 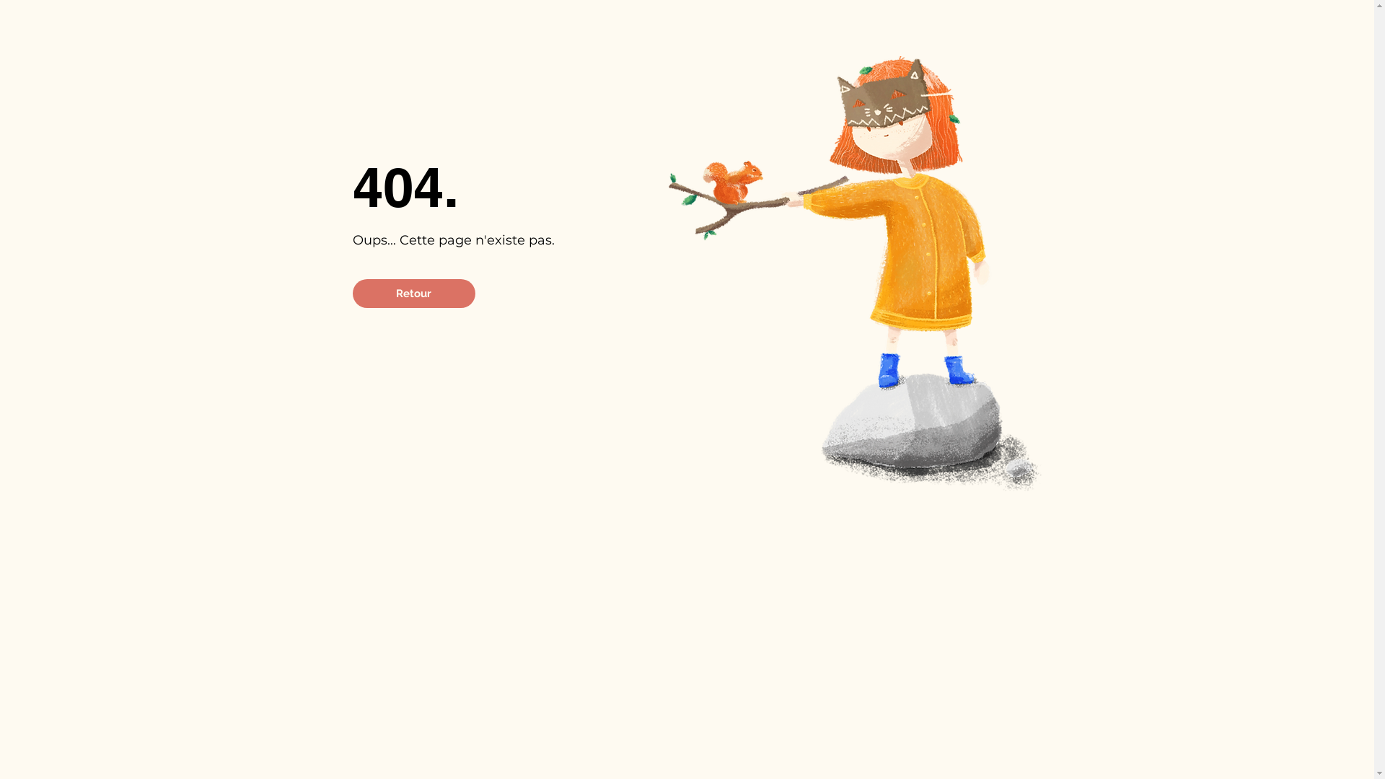 What do you see at coordinates (412, 293) in the screenshot?
I see `'Retour'` at bounding box center [412, 293].